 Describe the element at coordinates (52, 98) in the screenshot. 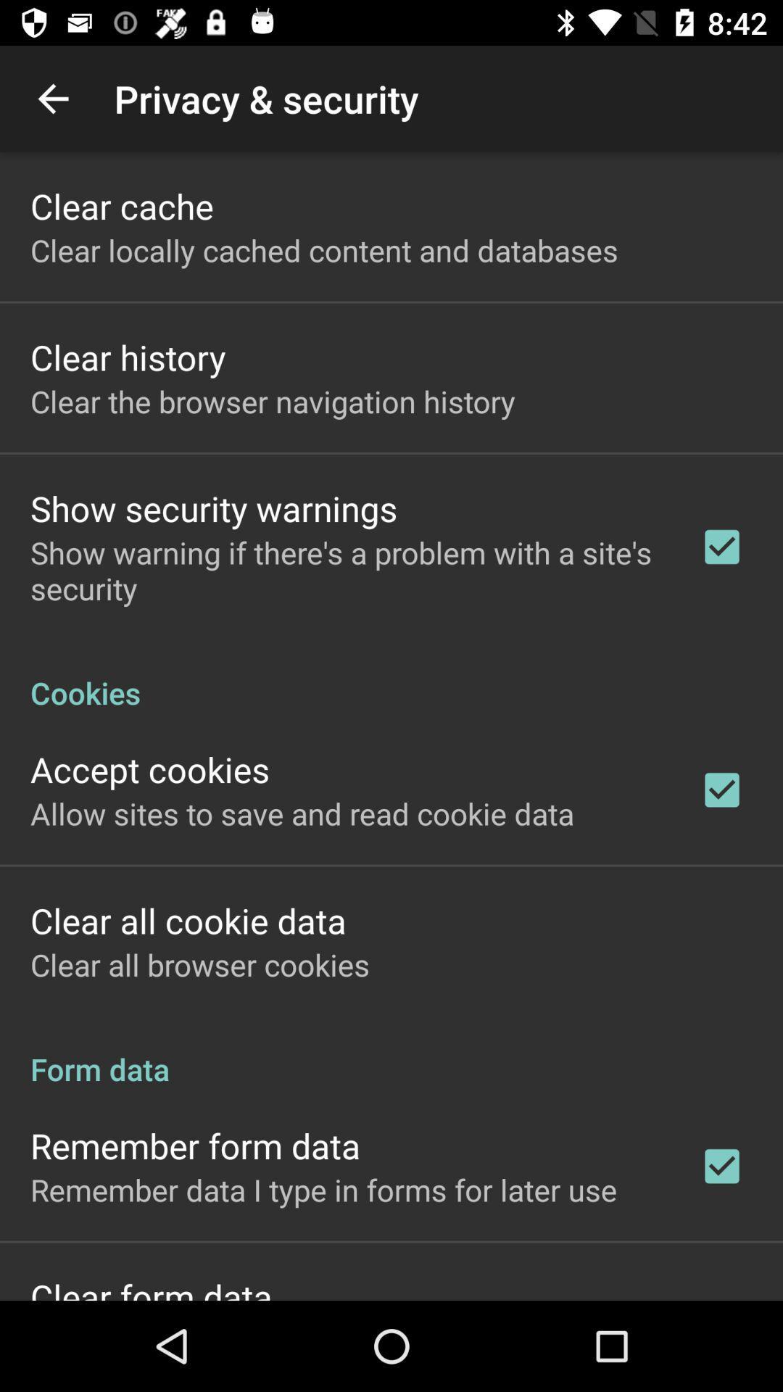

I see `the icon next to privacy & security icon` at that location.